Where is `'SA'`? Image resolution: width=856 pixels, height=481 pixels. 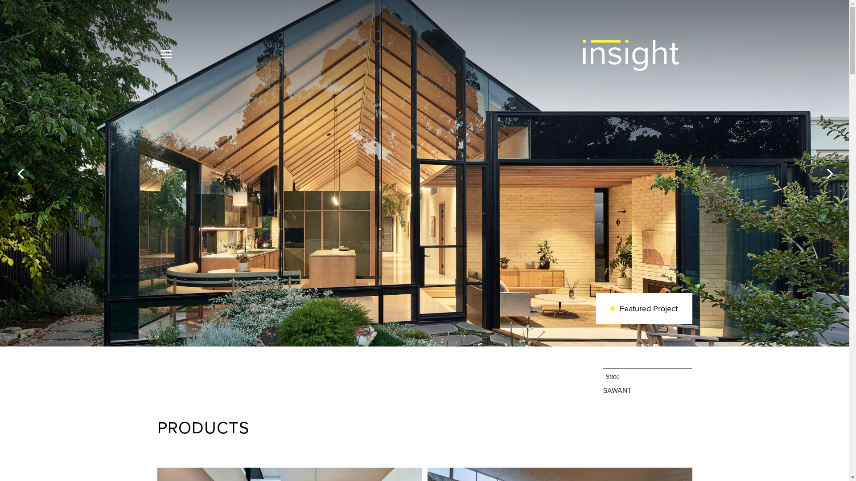
'SA' is located at coordinates (606, 390).